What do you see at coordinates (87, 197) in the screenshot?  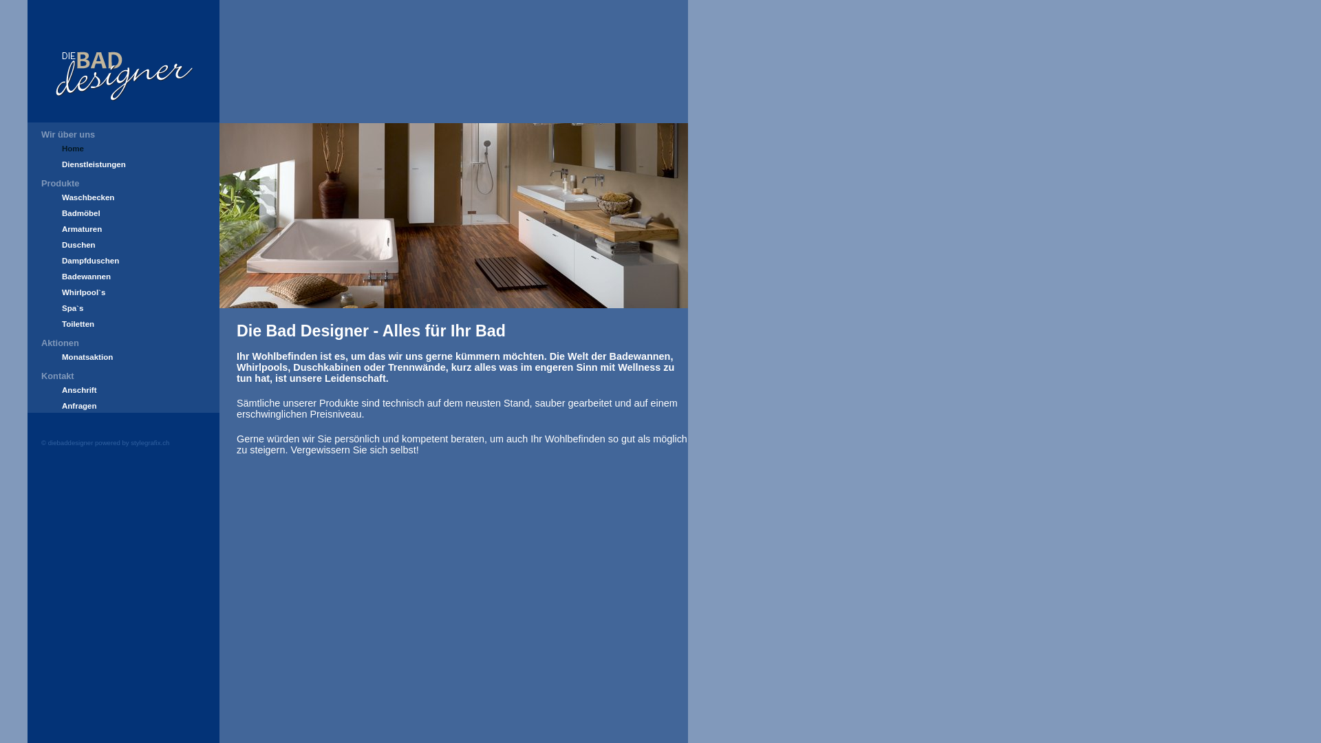 I see `'Waschbecken'` at bounding box center [87, 197].